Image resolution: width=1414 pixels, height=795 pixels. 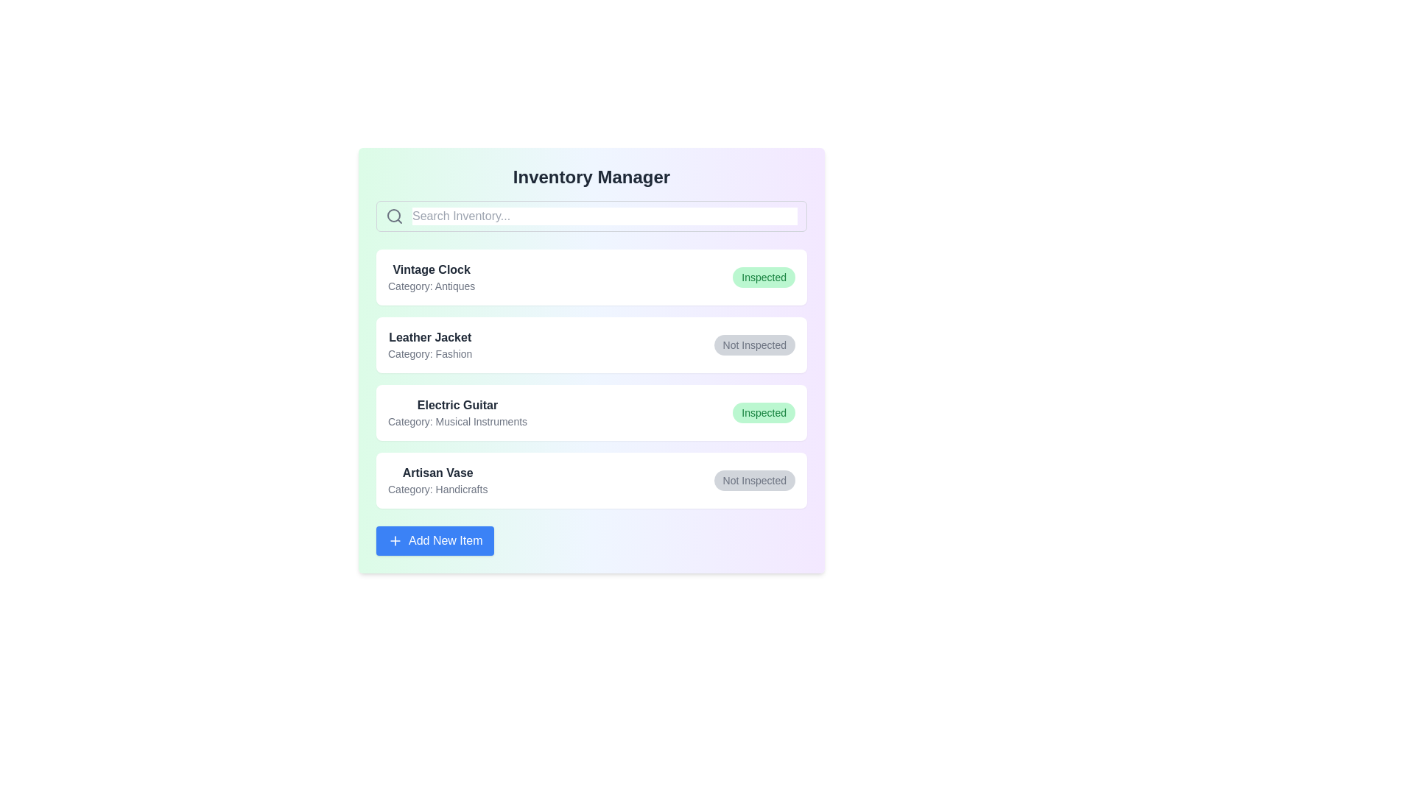 I want to click on the status button of the item labeled 'Artisan Vase', so click(x=754, y=480).